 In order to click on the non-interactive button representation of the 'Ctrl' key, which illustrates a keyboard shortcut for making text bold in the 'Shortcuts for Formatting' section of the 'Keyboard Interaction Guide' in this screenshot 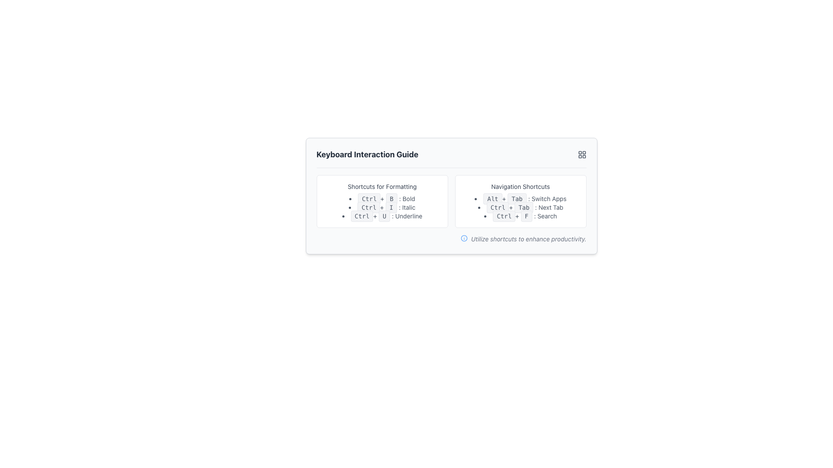, I will do `click(369, 199)`.